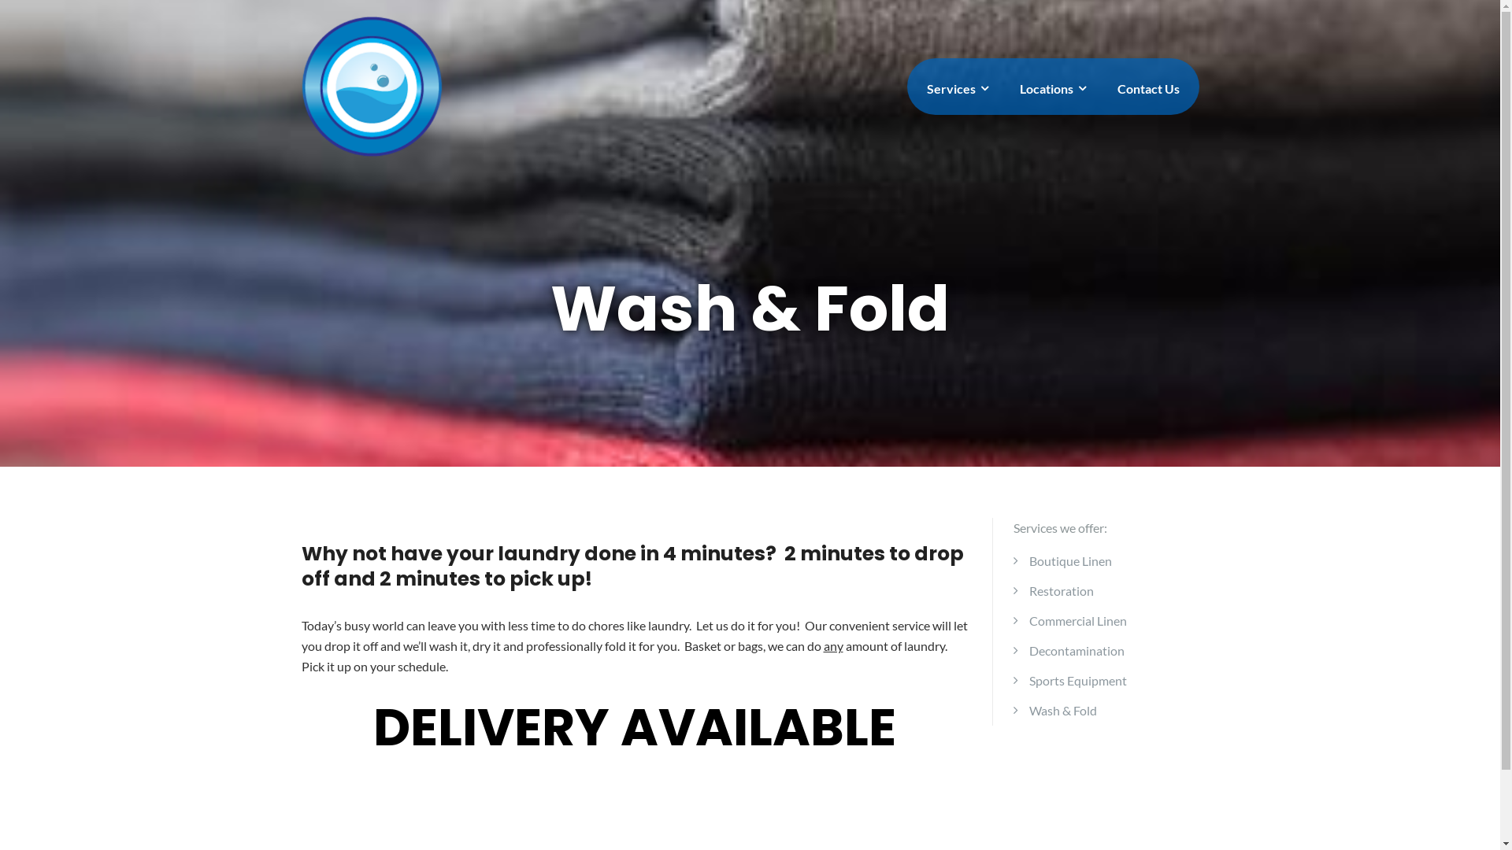  I want to click on 'Sports Equipment', so click(1077, 679).